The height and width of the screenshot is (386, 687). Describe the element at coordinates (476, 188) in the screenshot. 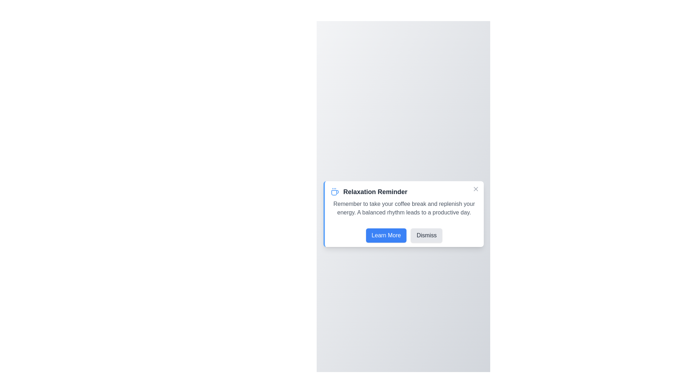

I see `the close button to close the alert` at that location.